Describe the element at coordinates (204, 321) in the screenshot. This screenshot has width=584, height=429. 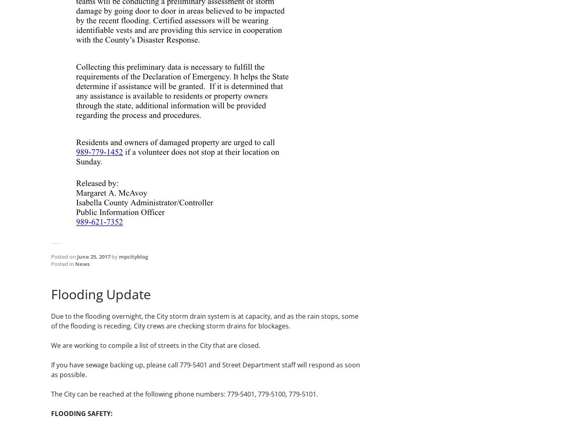
I see `'Due to the flooding overnight, the City storm drain system is at capacity, and as the rain stops, some of the flooding is receding. City crews are checking storm drains for blockages.'` at that location.